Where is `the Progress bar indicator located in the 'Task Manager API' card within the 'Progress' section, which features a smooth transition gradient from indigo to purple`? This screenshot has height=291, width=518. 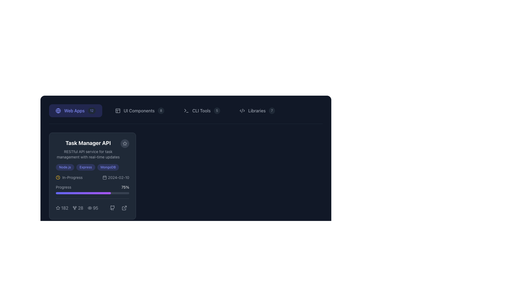 the Progress bar indicator located in the 'Task Manager API' card within the 'Progress' section, which features a smooth transition gradient from indigo to purple is located at coordinates (83, 193).